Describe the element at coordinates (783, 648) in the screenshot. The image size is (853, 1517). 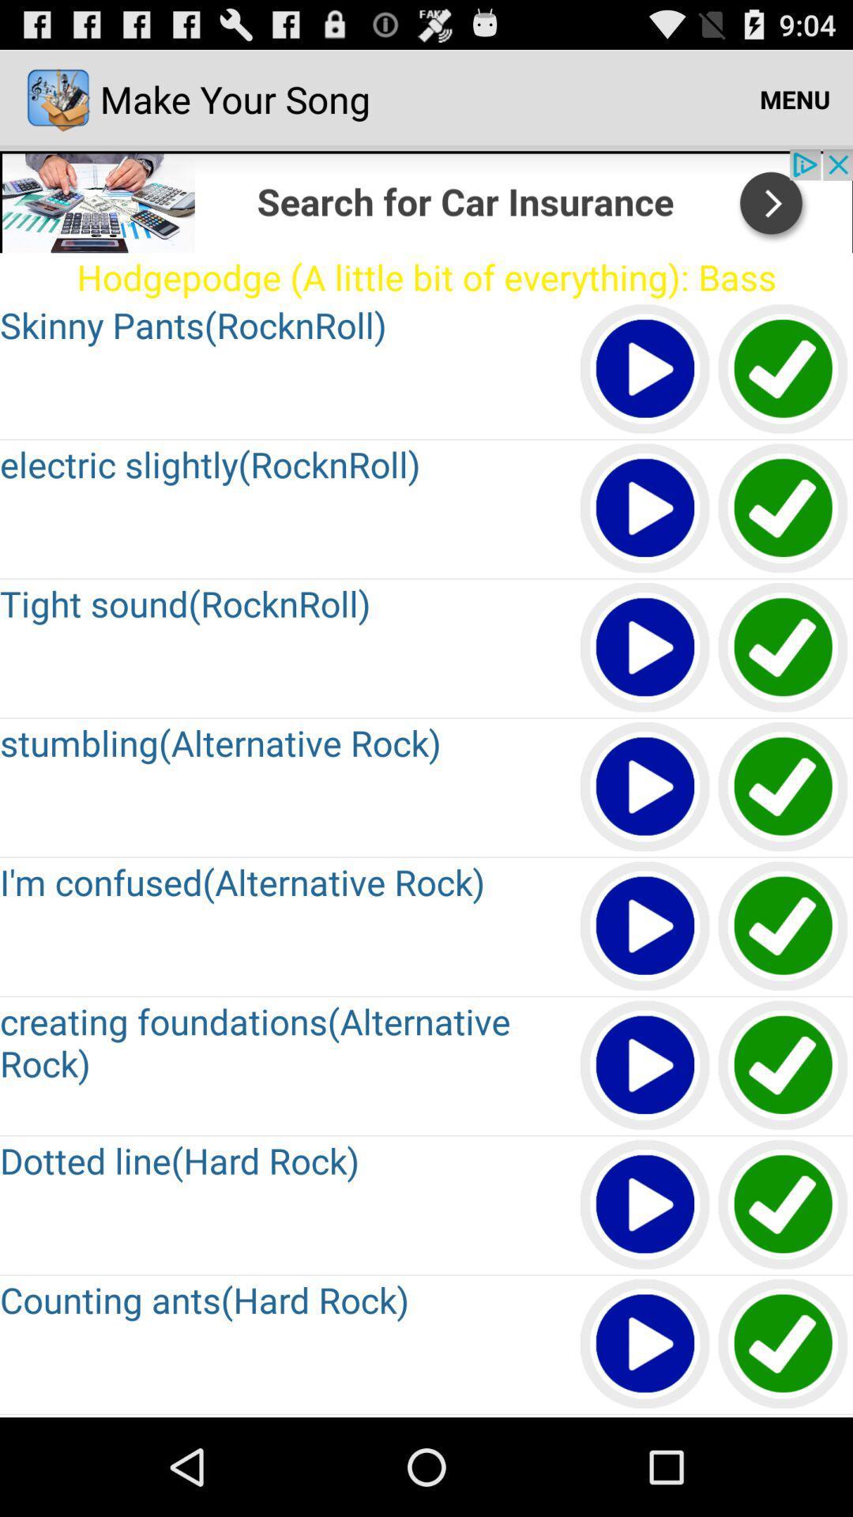
I see `click on select button` at that location.